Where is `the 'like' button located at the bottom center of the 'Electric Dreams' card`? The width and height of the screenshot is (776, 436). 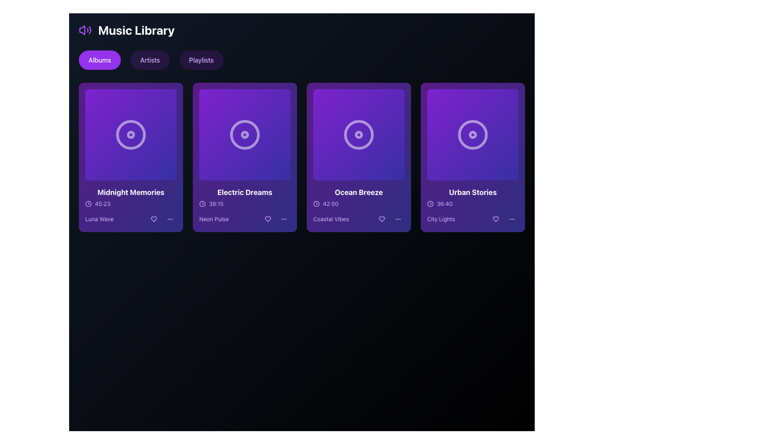 the 'like' button located at the bottom center of the 'Electric Dreams' card is located at coordinates (268, 219).